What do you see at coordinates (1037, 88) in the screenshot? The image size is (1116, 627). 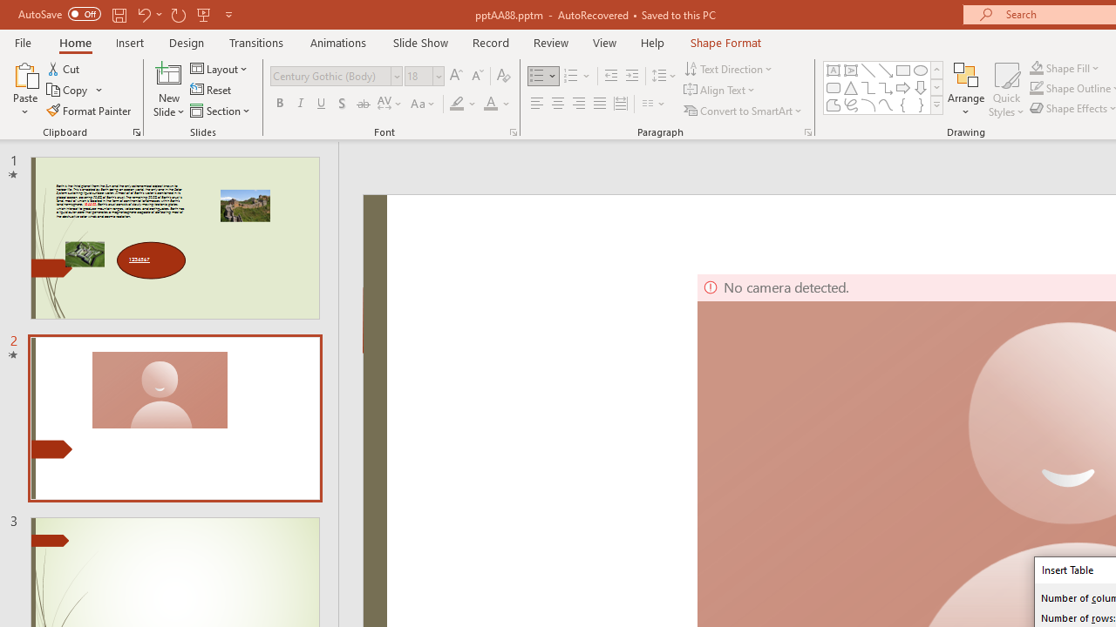 I see `'Shape Outline Teal, Accent 1'` at bounding box center [1037, 88].